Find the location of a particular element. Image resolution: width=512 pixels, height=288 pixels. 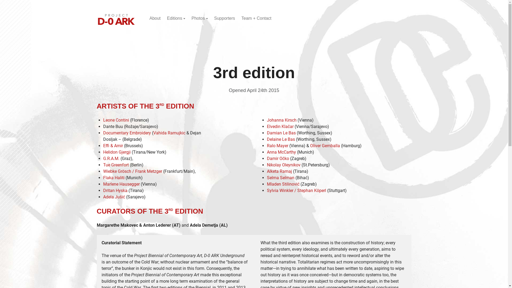

'Nikolay Oleynikov' is located at coordinates (283, 165).